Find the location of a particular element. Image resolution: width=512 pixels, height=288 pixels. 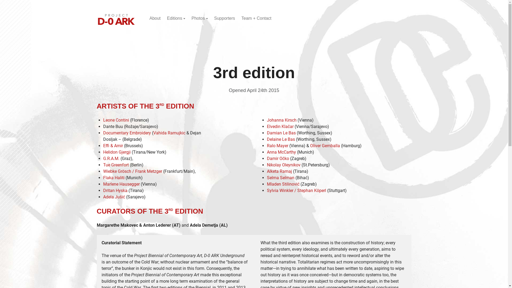

'Nikolay Oleynikov' is located at coordinates (283, 165).